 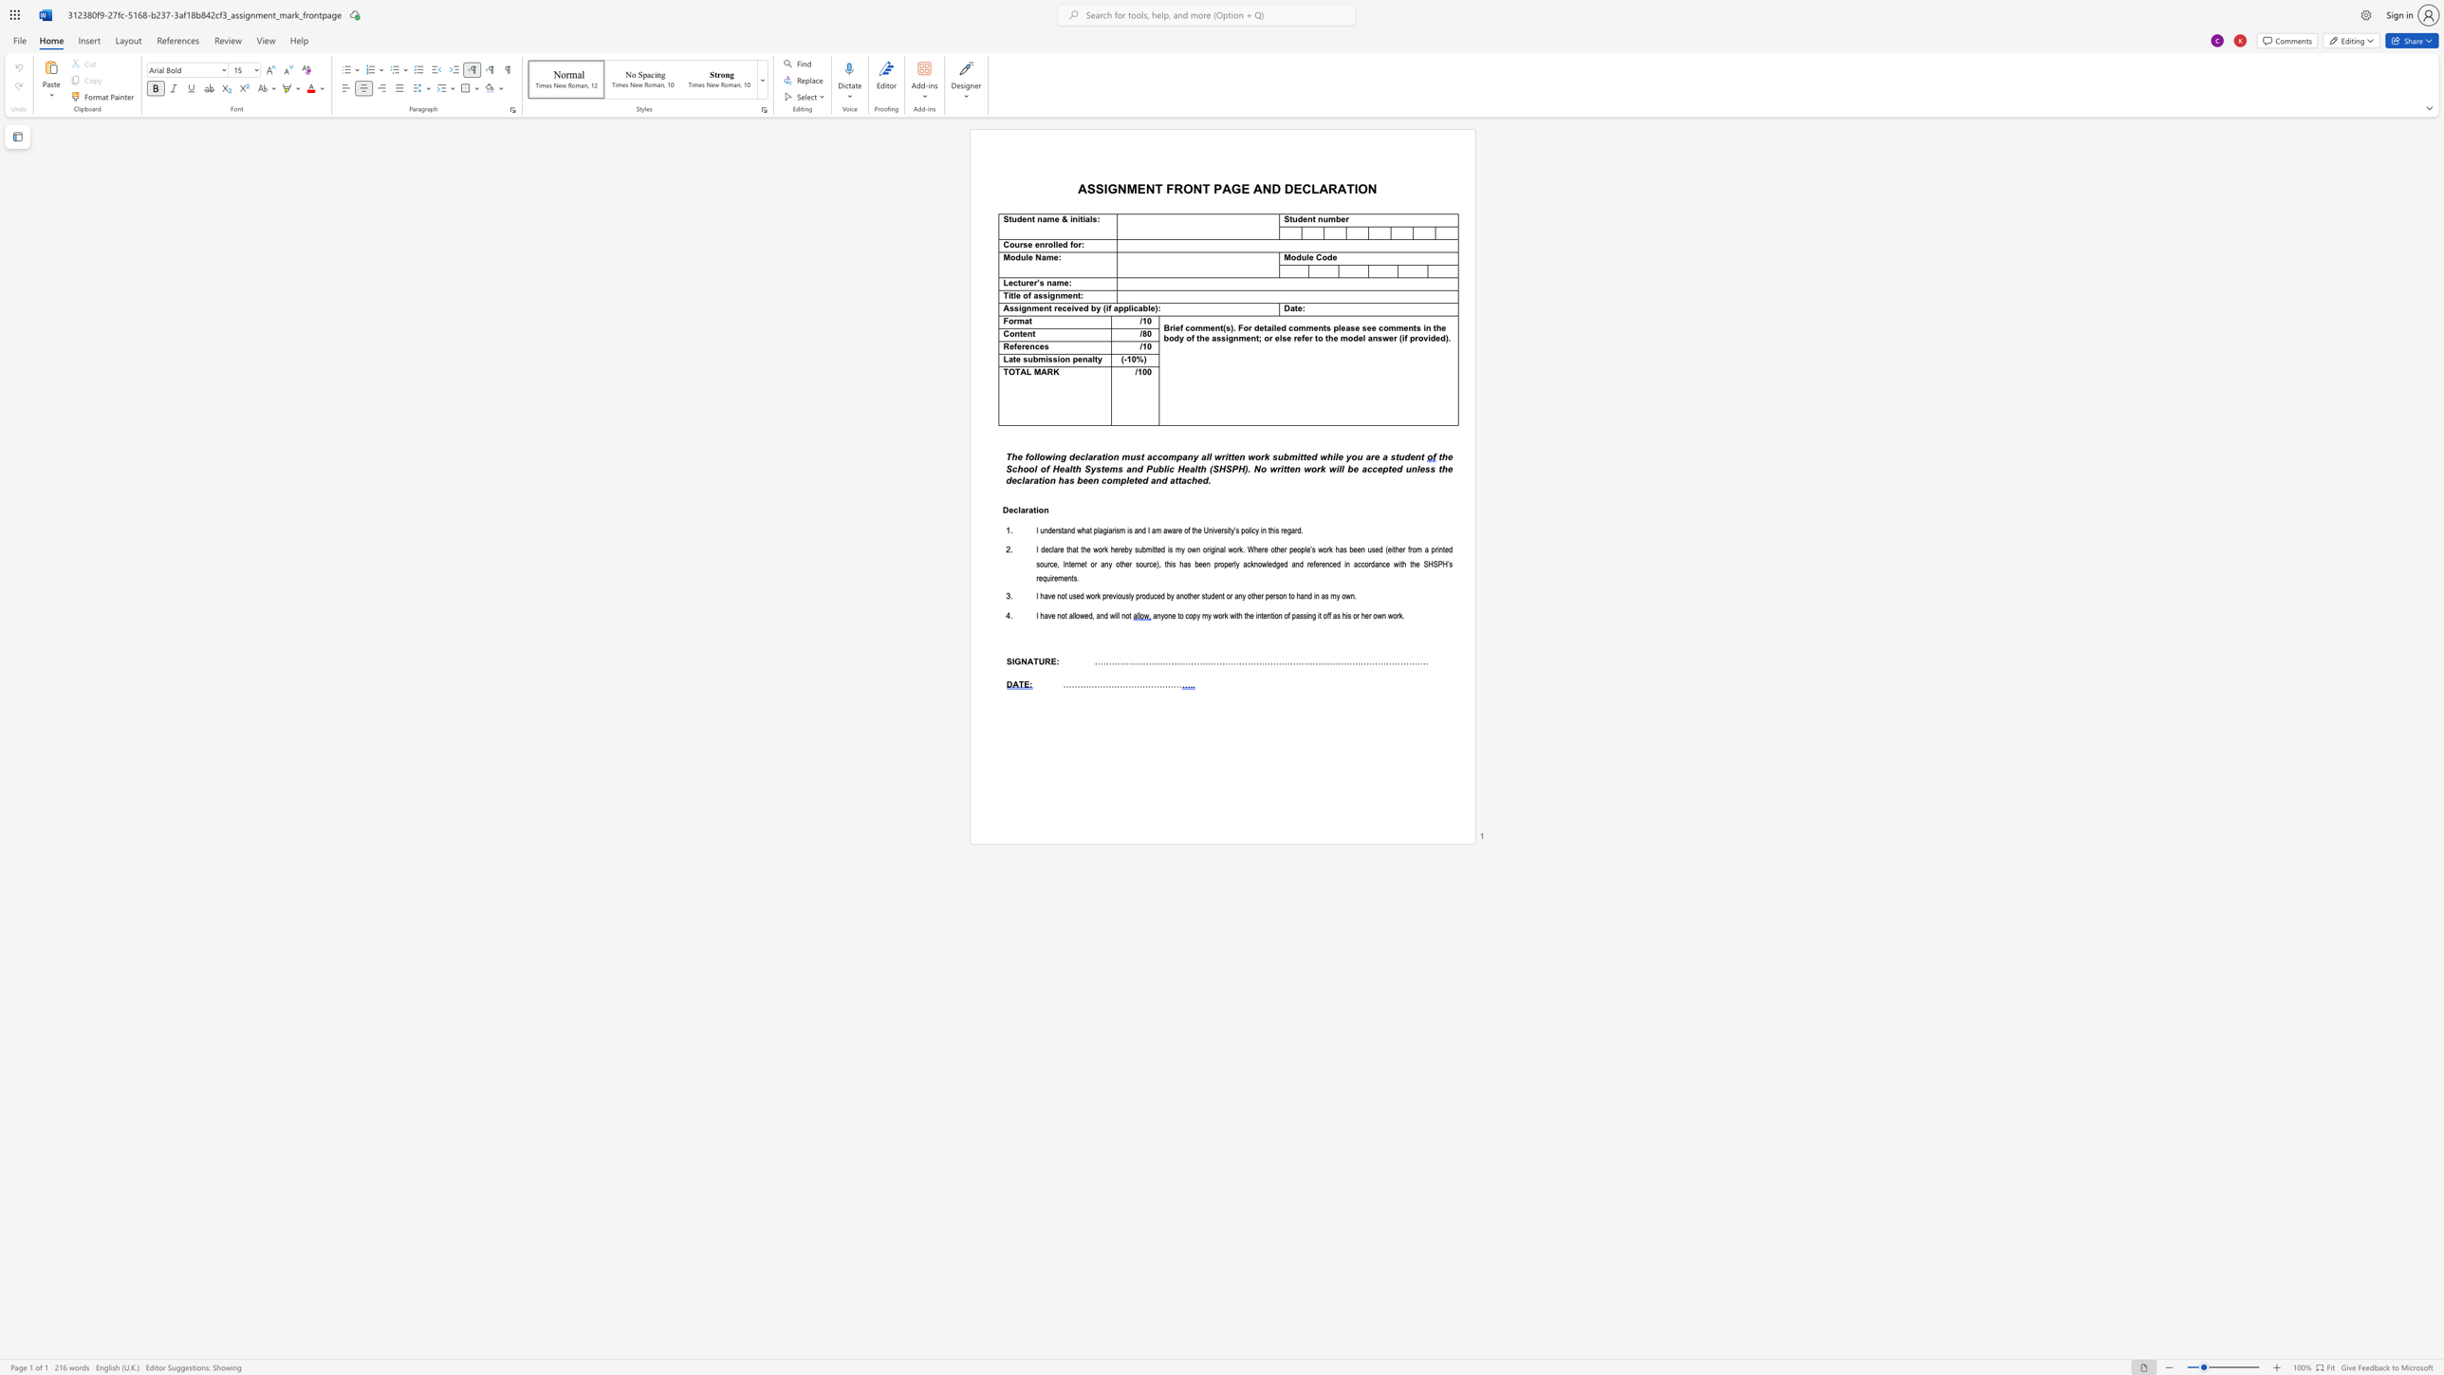 I want to click on the space between the continuous character "l" and "e" in the text, so click(x=1058, y=245).